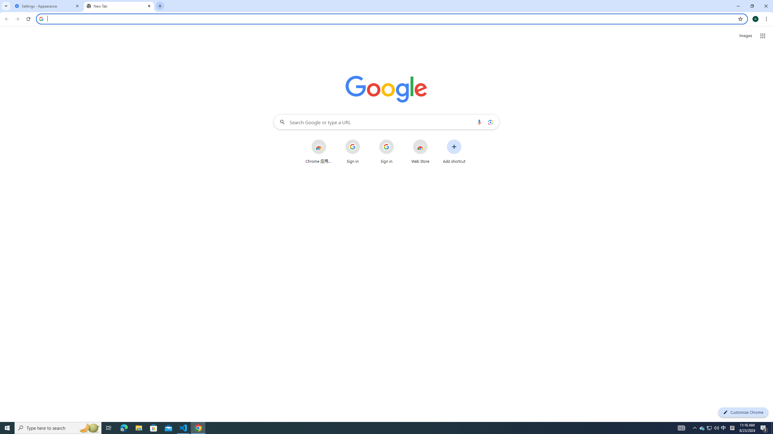 Image resolution: width=773 pixels, height=434 pixels. Describe the element at coordinates (398, 140) in the screenshot. I see `'More actions for Sign in shortcut'` at that location.